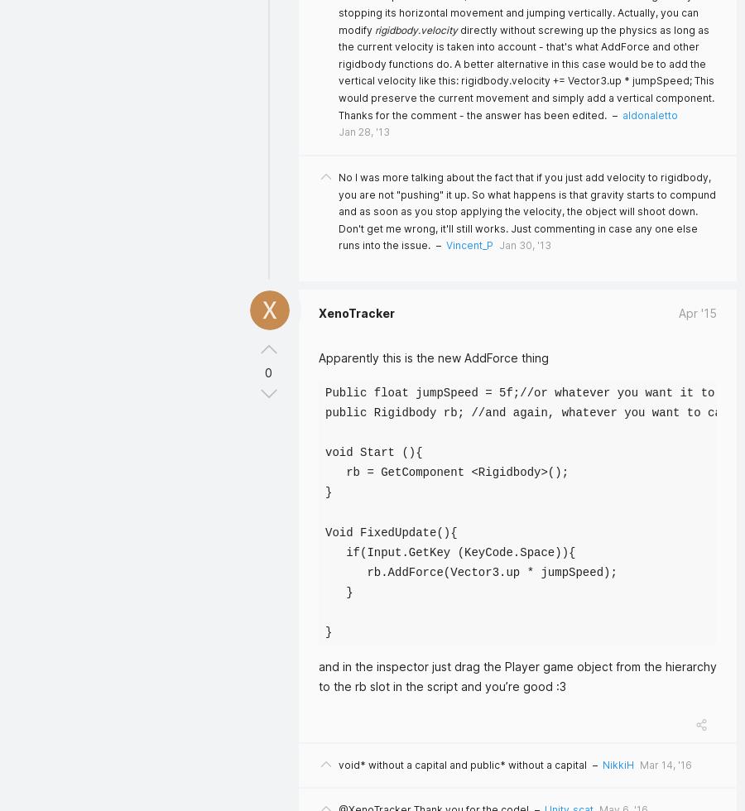  I want to click on 'directly without screwing up the physics as long as the current velocity is taken into account - that's what AddForce and other rigidbody functions do. A better alternative in this case would be to add the vertical velocity like this:     rigidbody.velocity += Vector3.up * jumpSpeed; This would preserve the current movement and simply add a vertical component. Thanks for the comment - the answer has been edited.', so click(526, 72).